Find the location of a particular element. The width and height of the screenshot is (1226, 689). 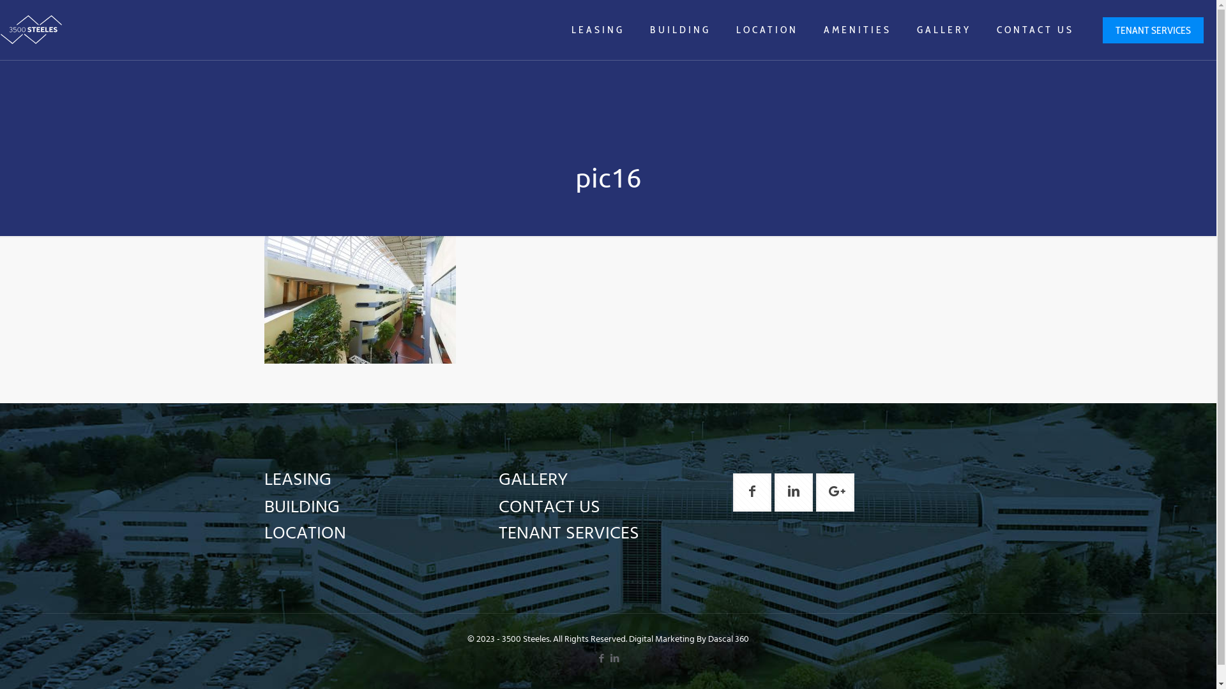

'LOCATION' is located at coordinates (263, 533).